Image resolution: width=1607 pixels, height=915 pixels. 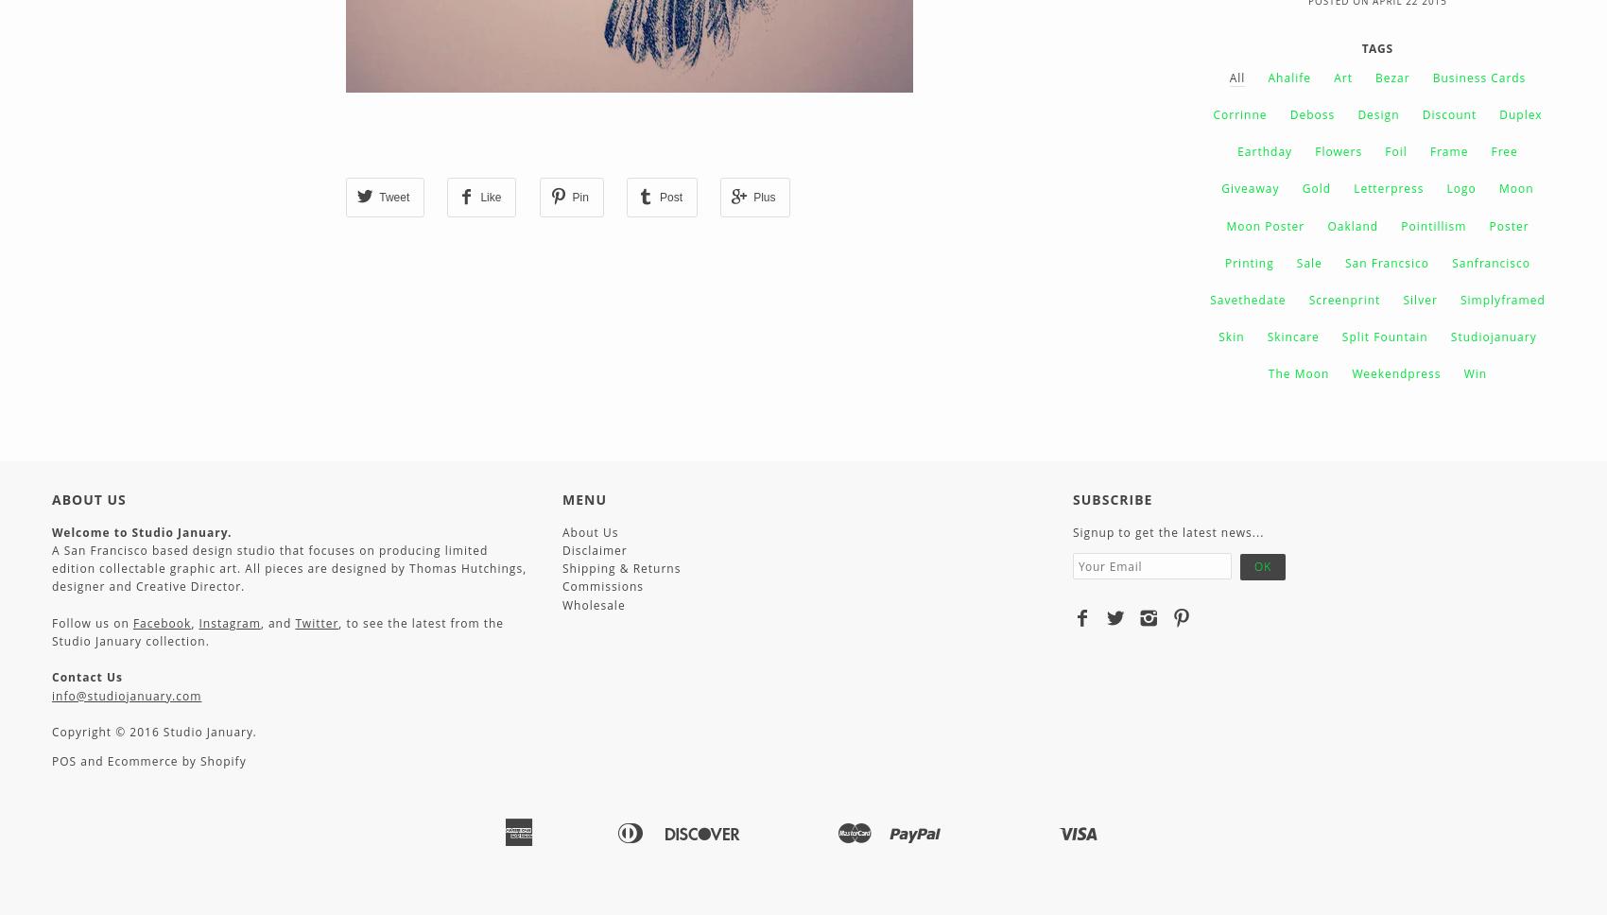 I want to click on 'logo', so click(x=1446, y=188).